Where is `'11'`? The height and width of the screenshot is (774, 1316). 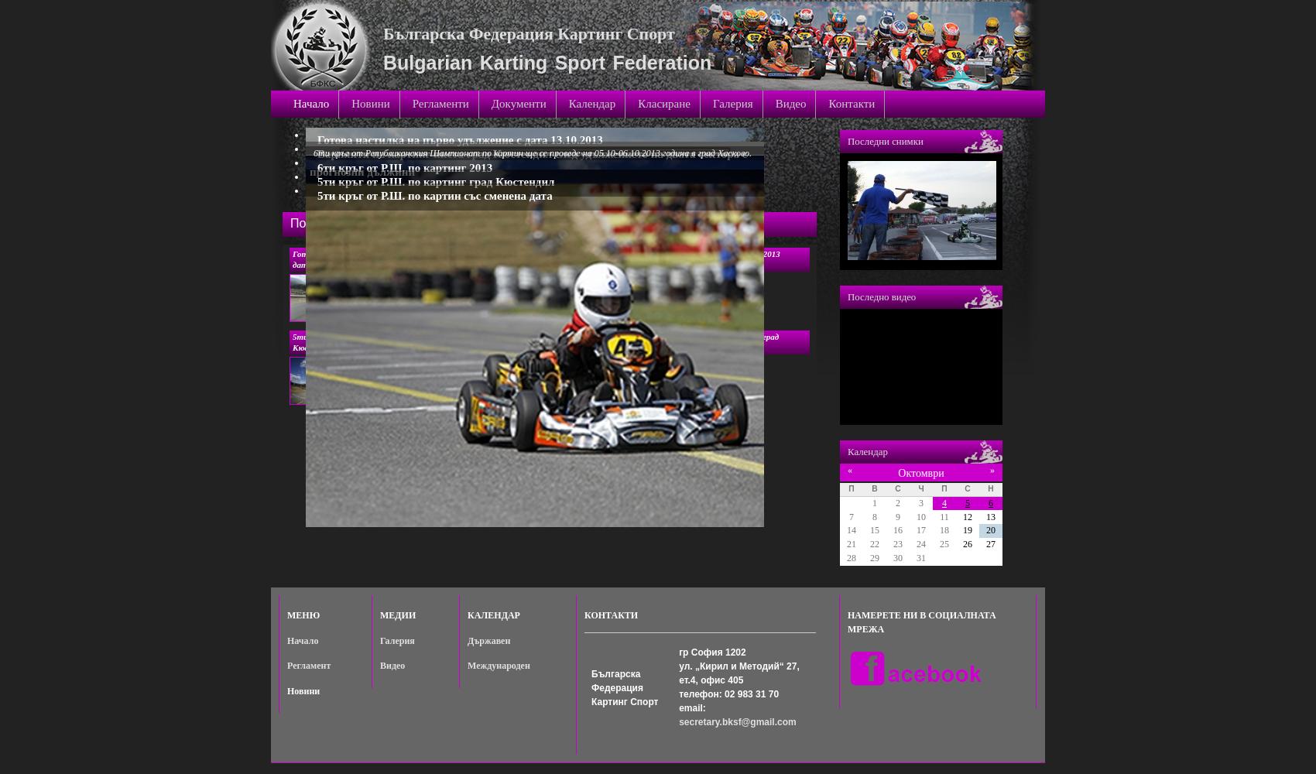
'11' is located at coordinates (943, 516).